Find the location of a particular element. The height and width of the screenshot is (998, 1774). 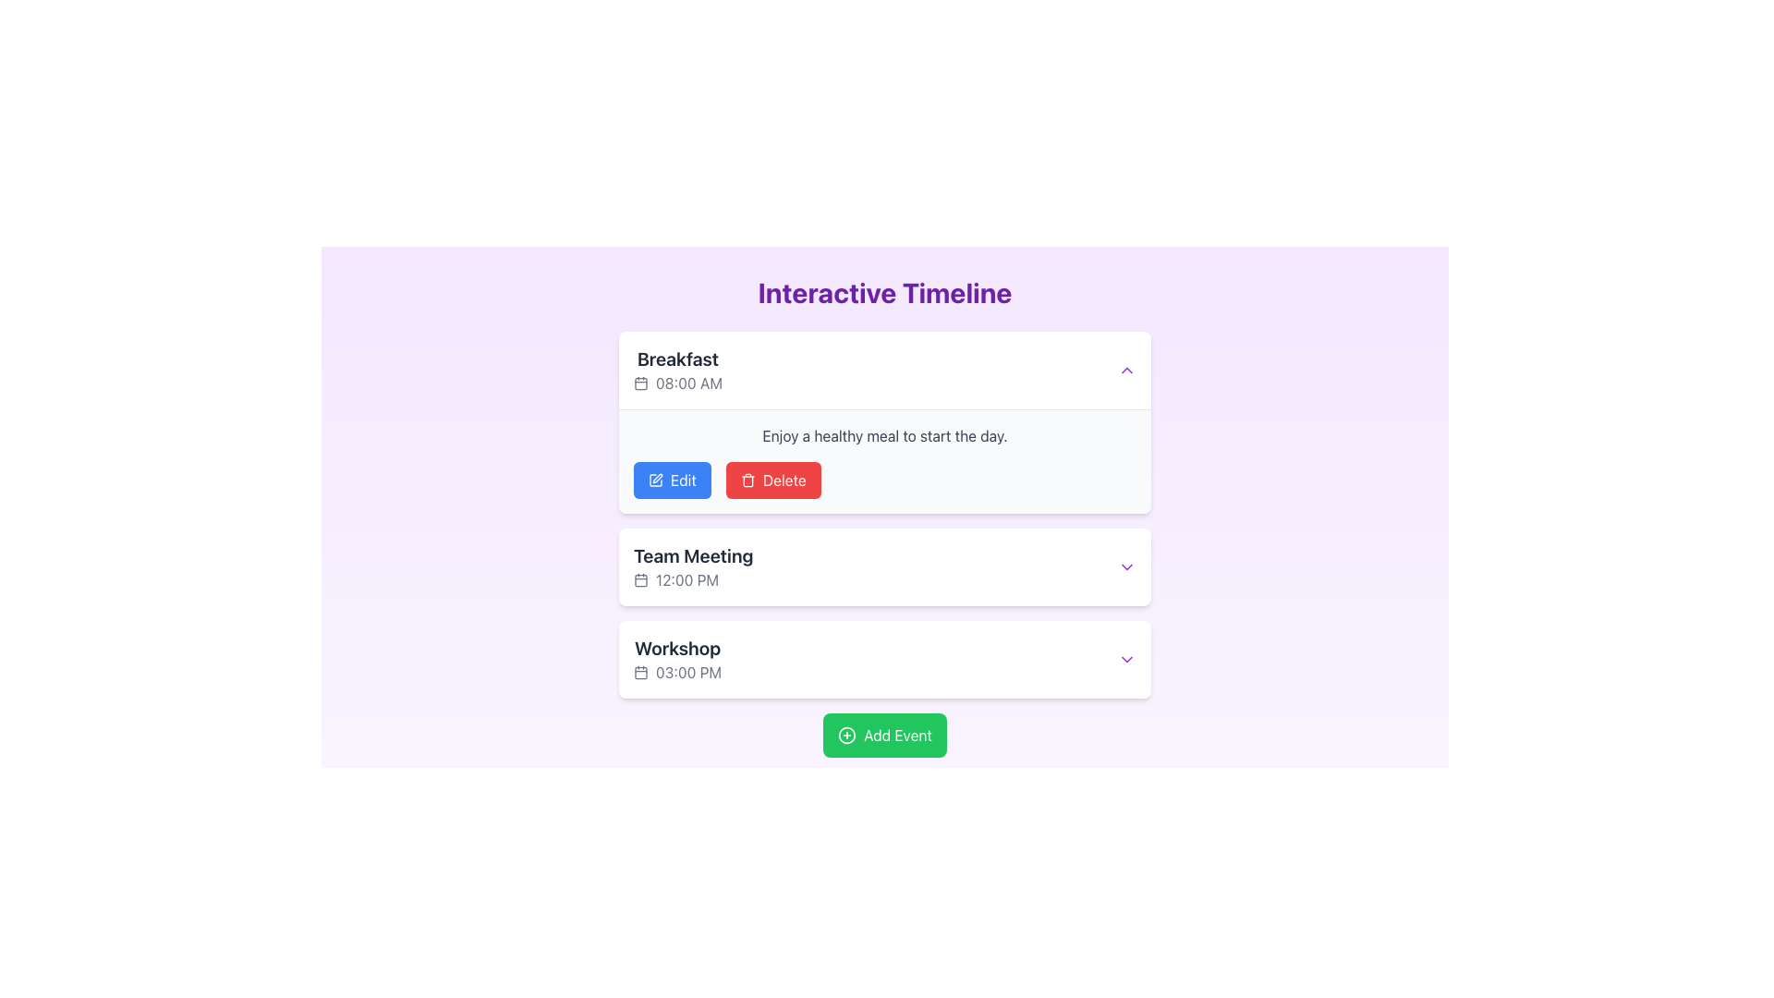

the small chevron icon with a thin purple stroke located in the bottom-right corner of the 'Workshop' section is located at coordinates (1125, 658).